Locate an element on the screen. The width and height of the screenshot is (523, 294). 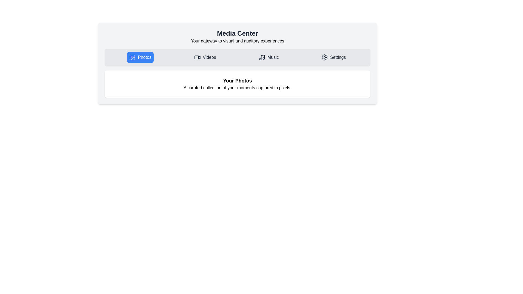
the 'Photos' button, which has a blue background, white text, and a photo frame icon is located at coordinates (140, 57).